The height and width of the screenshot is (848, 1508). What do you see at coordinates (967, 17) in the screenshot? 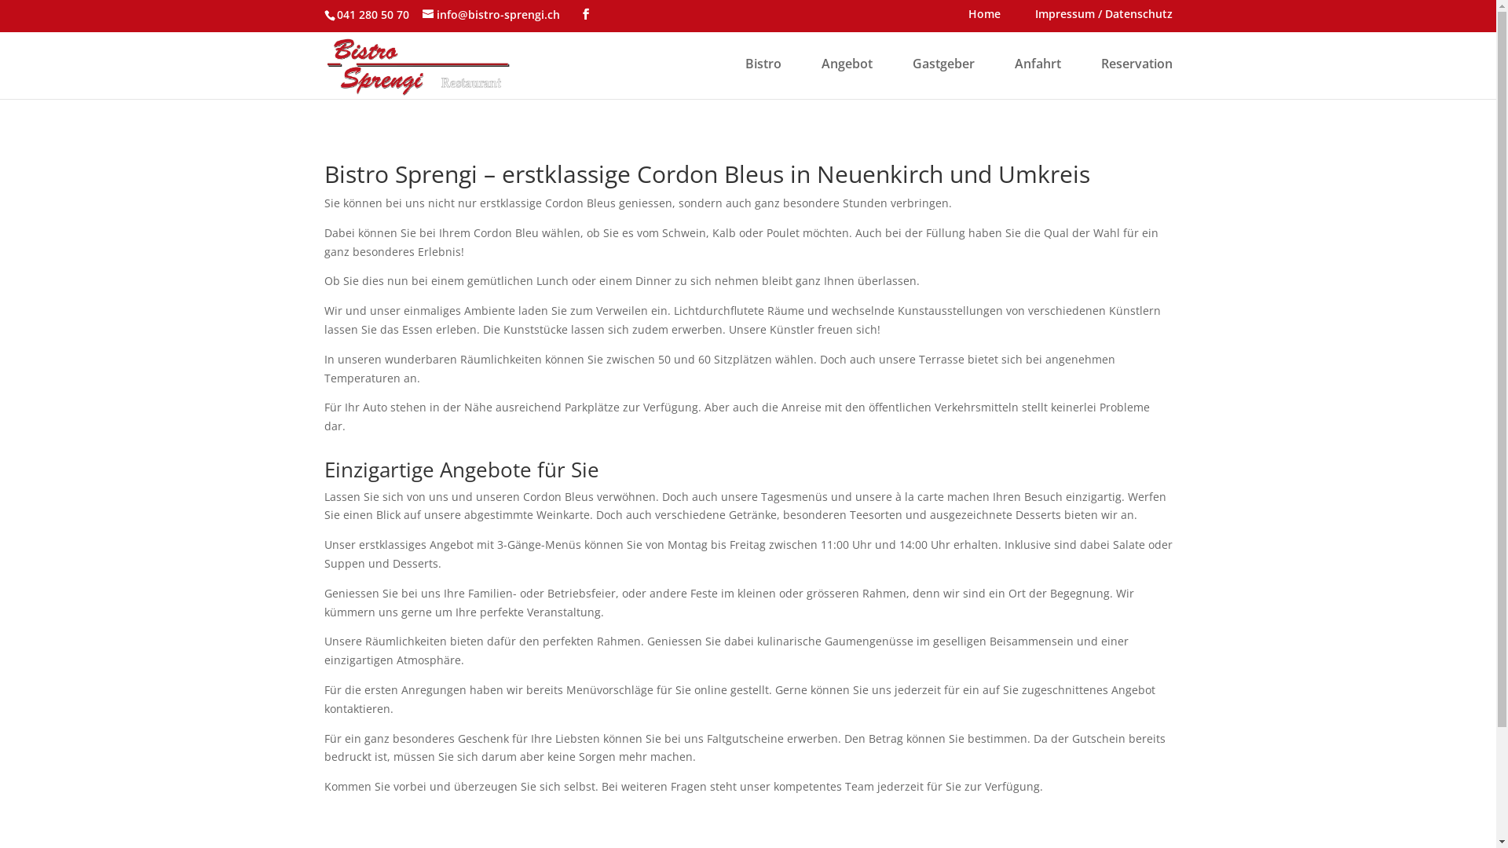
I see `'Home'` at bounding box center [967, 17].